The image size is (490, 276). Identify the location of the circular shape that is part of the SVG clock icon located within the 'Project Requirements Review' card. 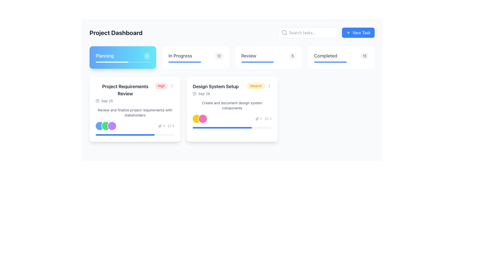
(97, 101).